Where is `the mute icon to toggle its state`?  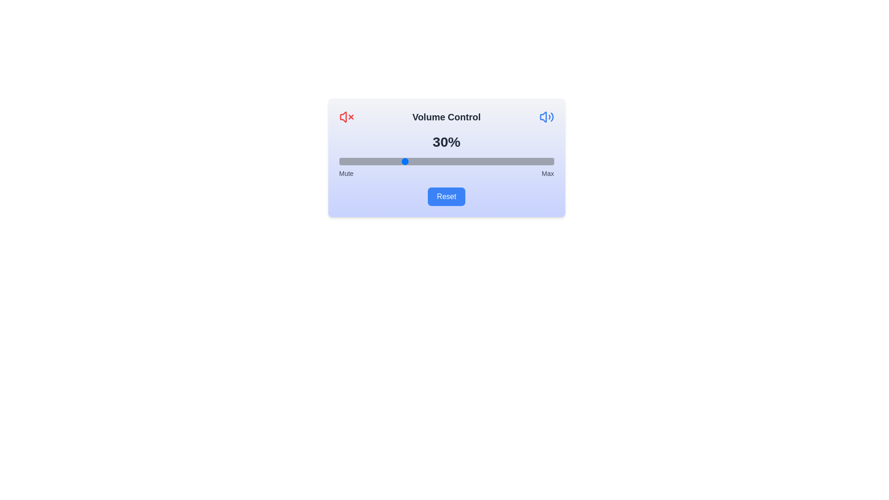
the mute icon to toggle its state is located at coordinates (346, 117).